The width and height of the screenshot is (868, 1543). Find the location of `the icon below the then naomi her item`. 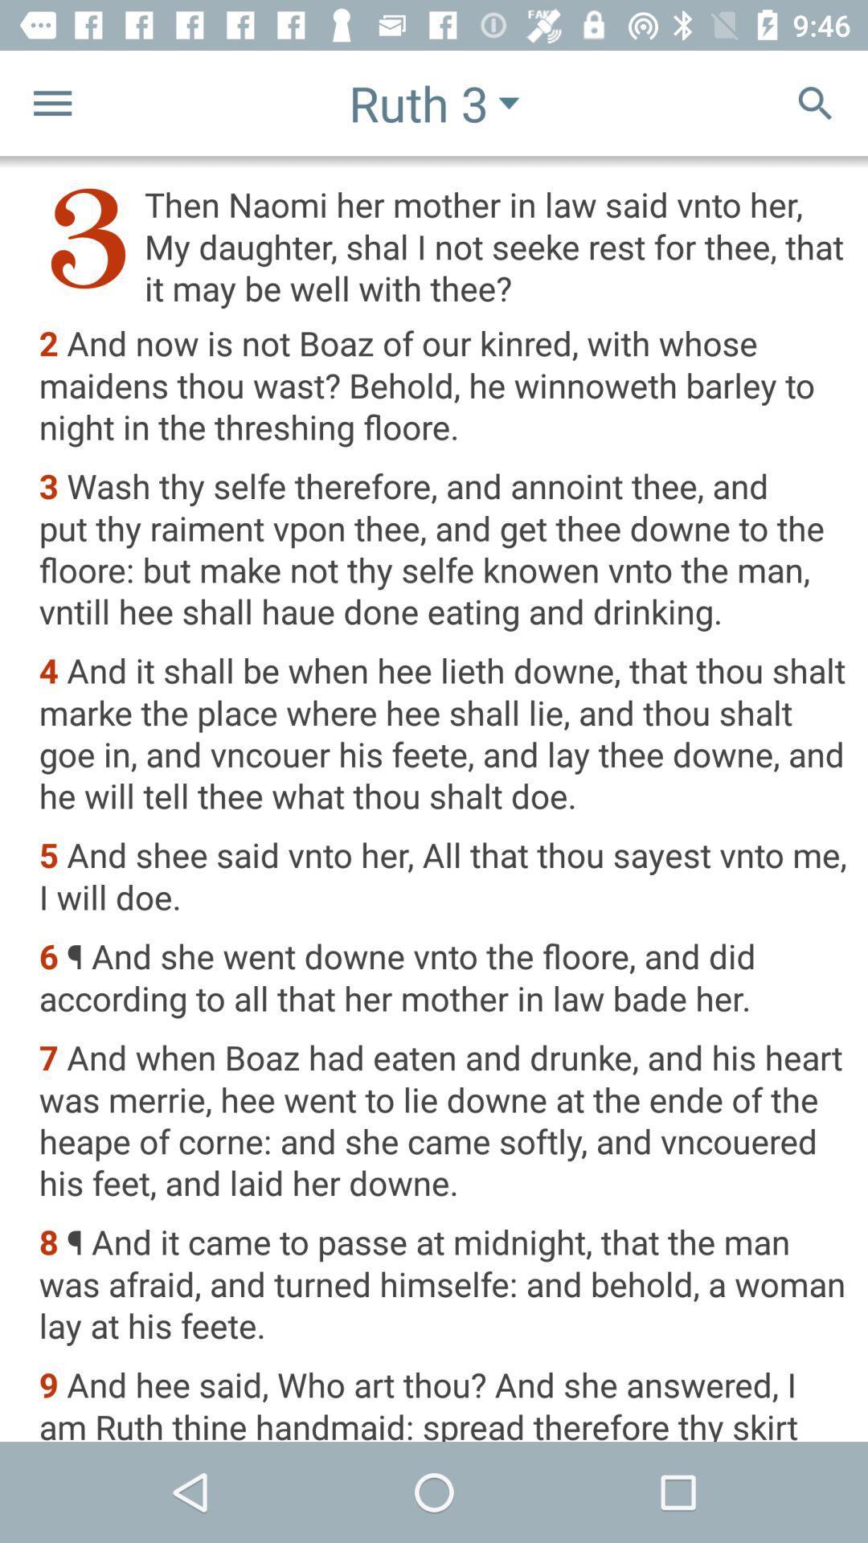

the icon below the then naomi her item is located at coordinates (443, 387).